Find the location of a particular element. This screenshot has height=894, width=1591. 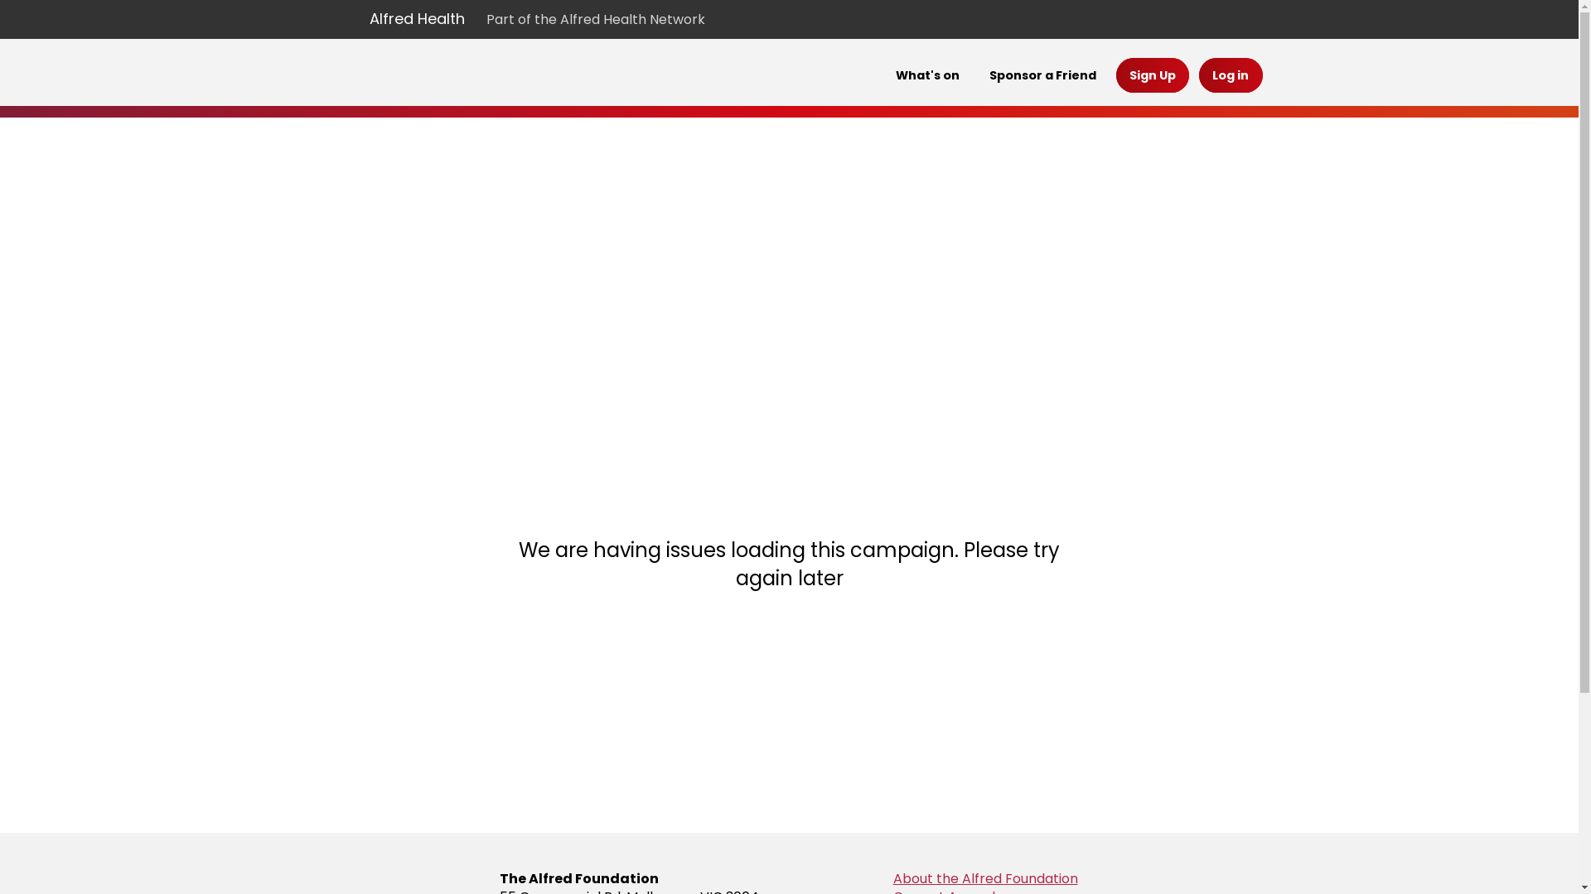

'What's on' is located at coordinates (926, 75).